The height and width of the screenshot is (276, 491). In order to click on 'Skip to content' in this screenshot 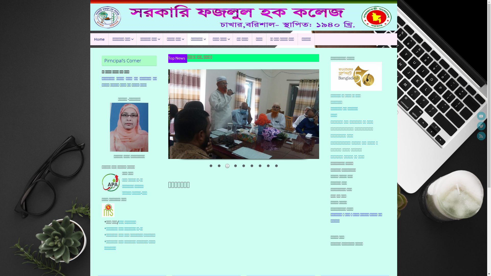, I will do `click(90, 41)`.